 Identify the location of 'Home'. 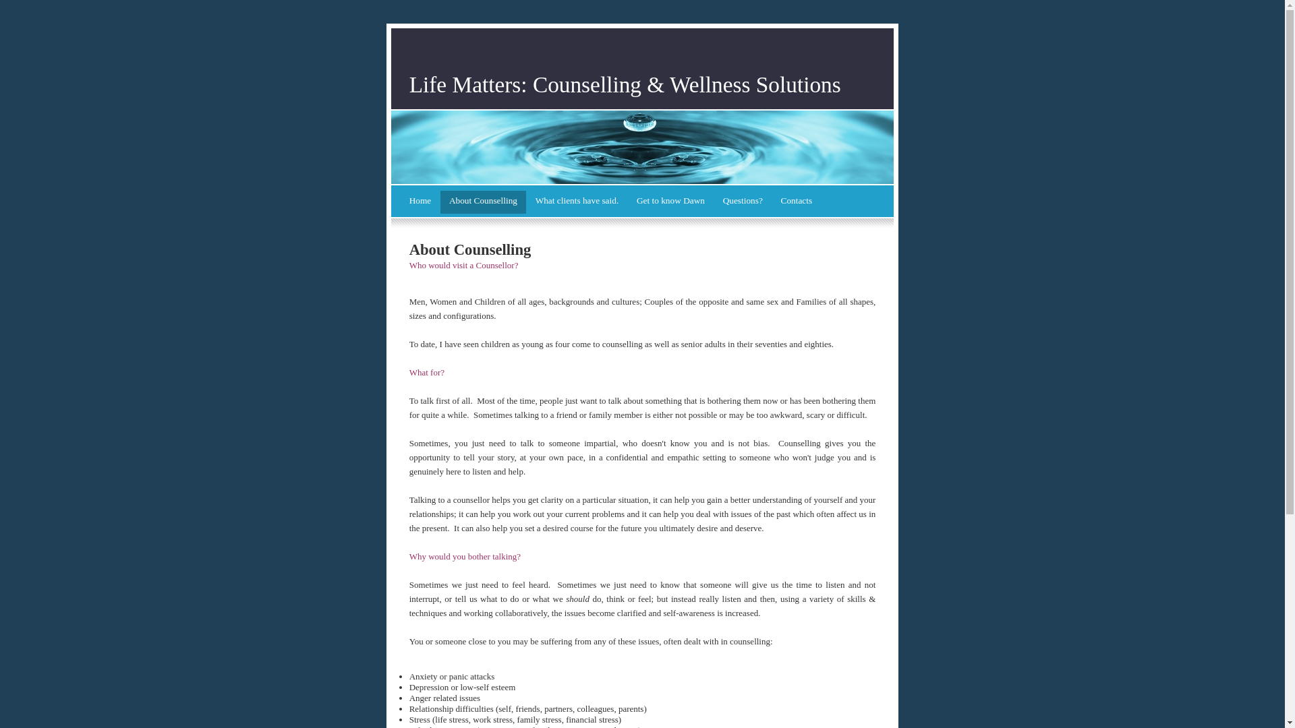
(419, 202).